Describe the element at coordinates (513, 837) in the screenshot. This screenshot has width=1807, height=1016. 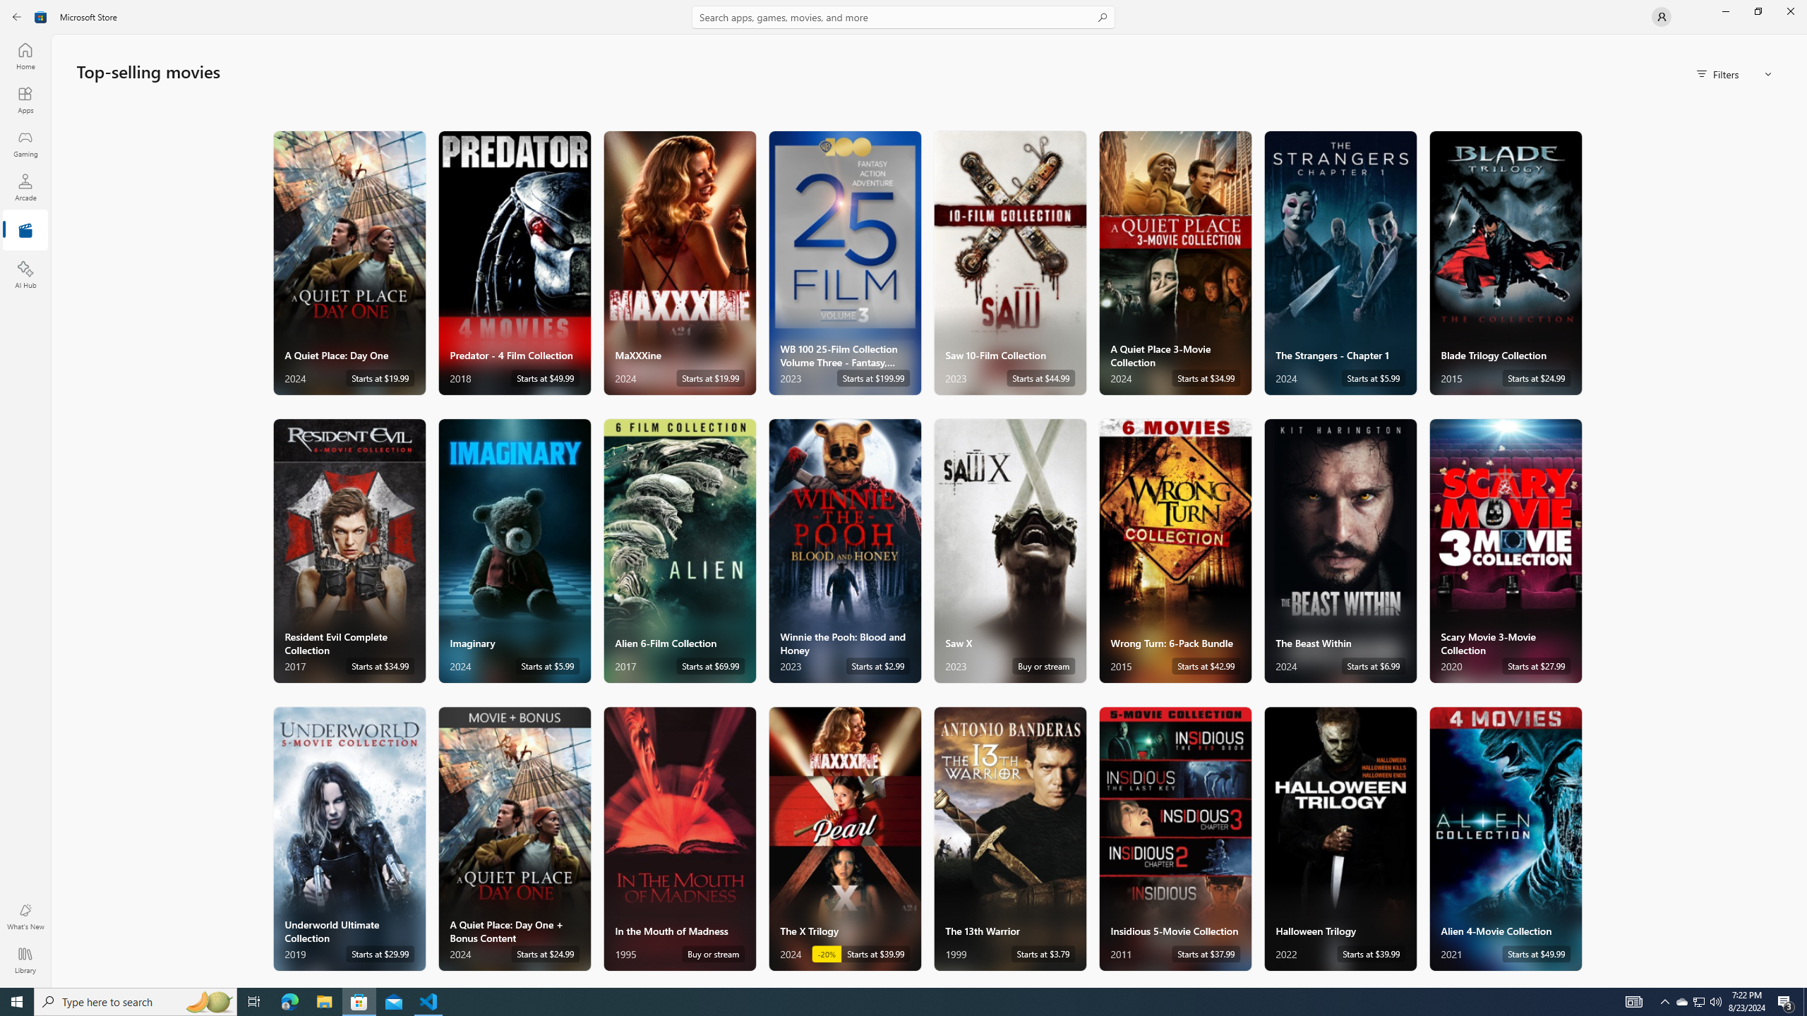
I see `'A Quiet Place: Day One + Bonus Content. Starts at $24.99  '` at that location.